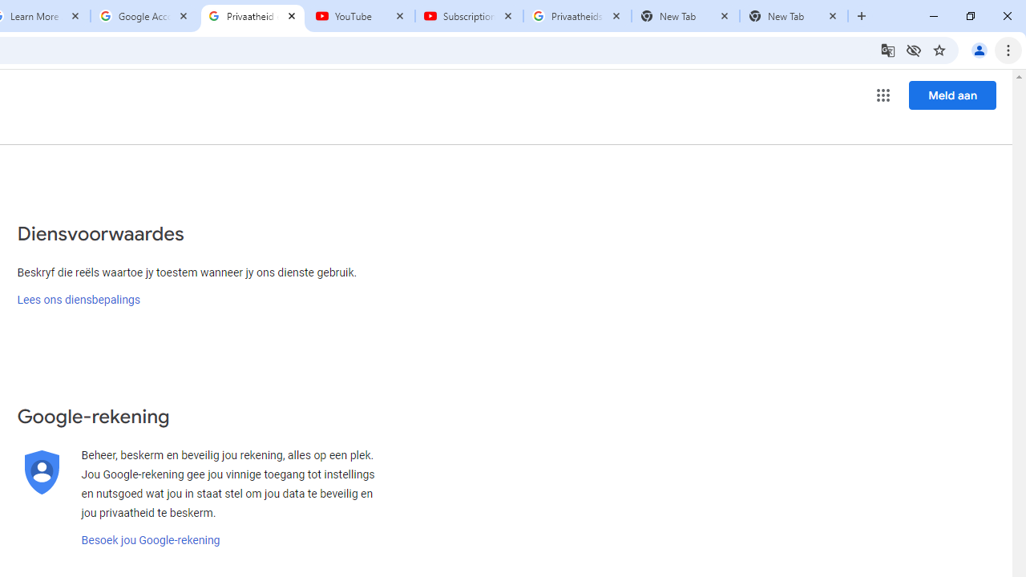 This screenshot has width=1026, height=577. Describe the element at coordinates (794, 16) in the screenshot. I see `'New Tab'` at that location.